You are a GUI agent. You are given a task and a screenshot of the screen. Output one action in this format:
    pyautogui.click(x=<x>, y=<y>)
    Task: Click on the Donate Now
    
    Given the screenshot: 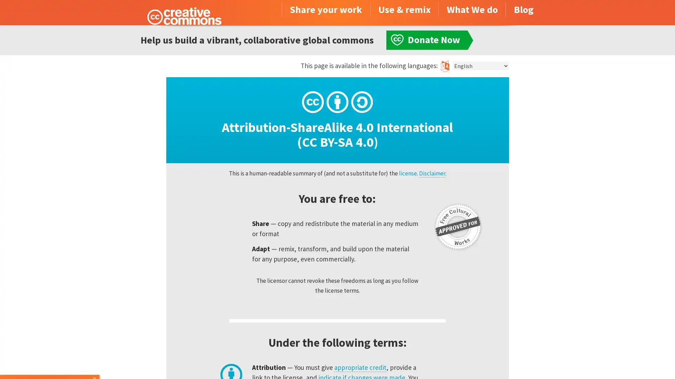 What is the action you would take?
    pyautogui.click(x=50, y=360)
    